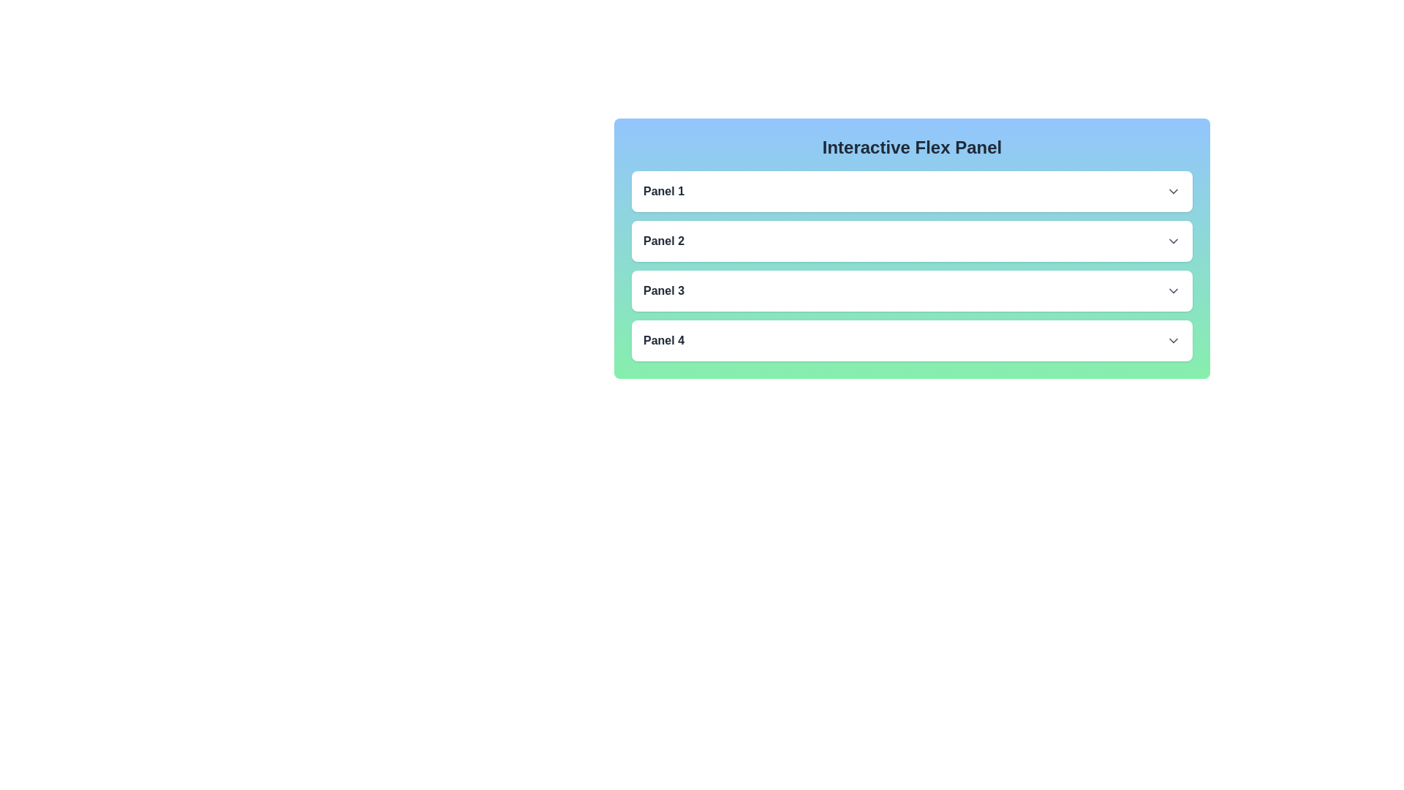 This screenshot has height=790, width=1404. Describe the element at coordinates (663, 341) in the screenshot. I see `the bold dark gray text label displaying 'Panel 4' to interact with the associated panel` at that location.